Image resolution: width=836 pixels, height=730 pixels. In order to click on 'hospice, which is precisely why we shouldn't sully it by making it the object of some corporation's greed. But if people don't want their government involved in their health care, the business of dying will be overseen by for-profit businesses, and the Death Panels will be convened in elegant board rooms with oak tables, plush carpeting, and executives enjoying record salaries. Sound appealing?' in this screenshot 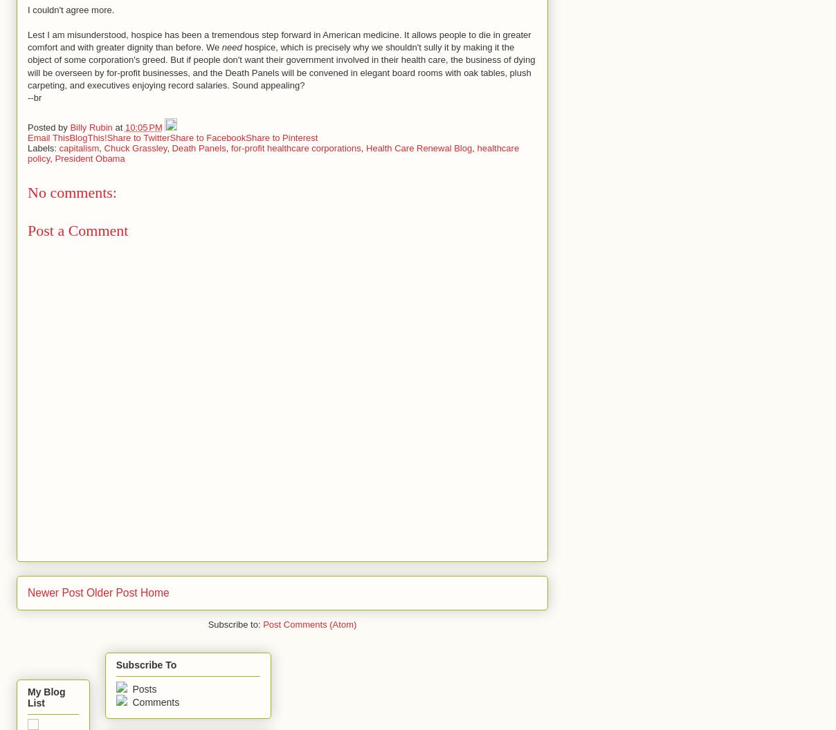, I will do `click(280, 65)`.